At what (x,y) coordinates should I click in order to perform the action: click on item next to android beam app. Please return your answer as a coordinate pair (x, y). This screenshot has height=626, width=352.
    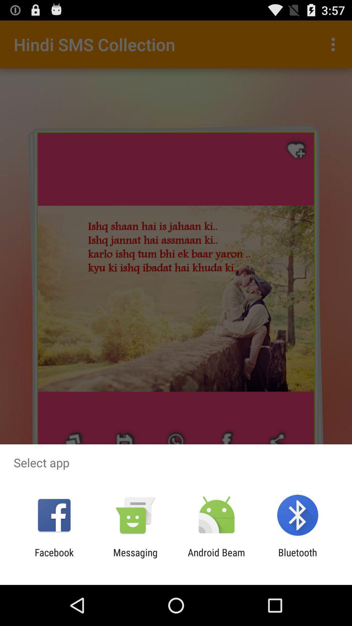
    Looking at the image, I should click on (298, 558).